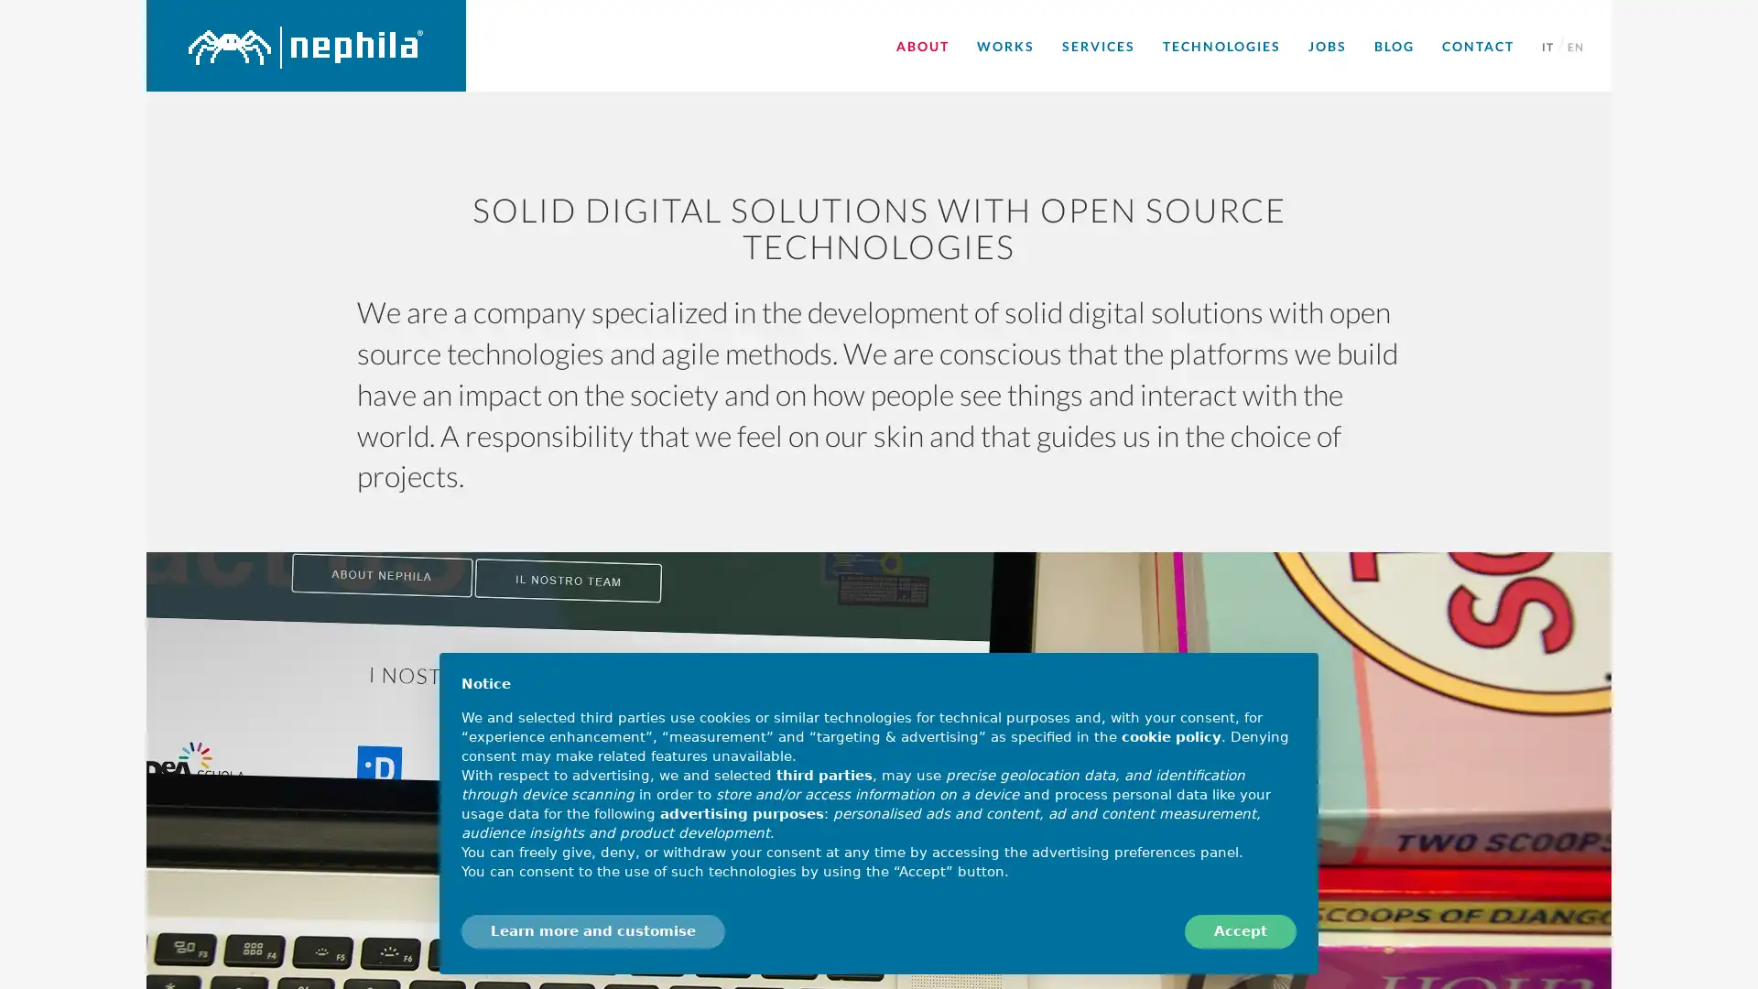 The width and height of the screenshot is (1758, 989). I want to click on Accept, so click(1240, 931).